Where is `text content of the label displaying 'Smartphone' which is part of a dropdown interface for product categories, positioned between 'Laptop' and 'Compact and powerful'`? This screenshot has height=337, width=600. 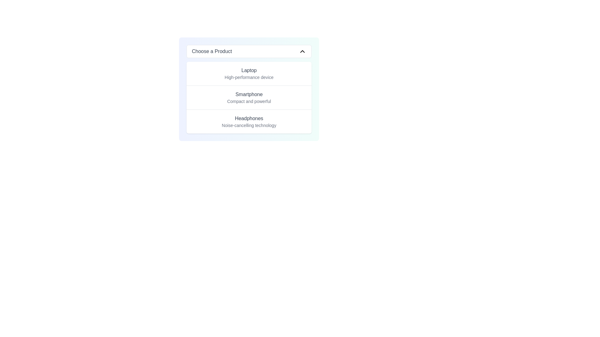
text content of the label displaying 'Smartphone' which is part of a dropdown interface for product categories, positioned between 'Laptop' and 'Compact and powerful' is located at coordinates (248, 95).